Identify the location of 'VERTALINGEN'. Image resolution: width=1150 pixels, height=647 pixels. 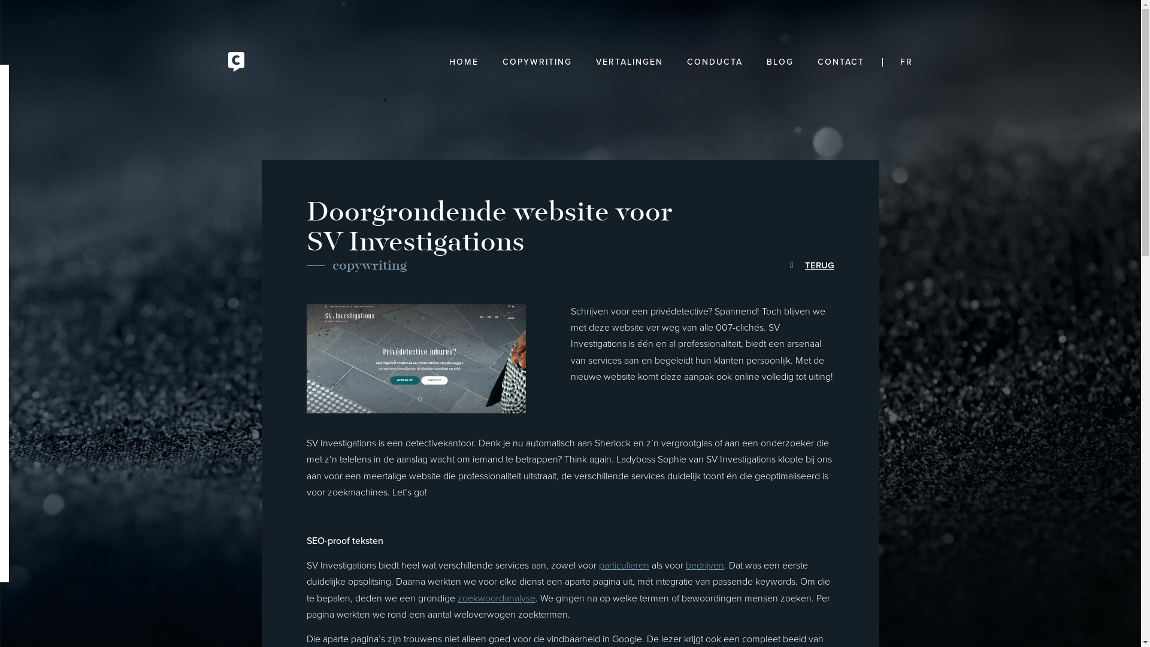
(629, 62).